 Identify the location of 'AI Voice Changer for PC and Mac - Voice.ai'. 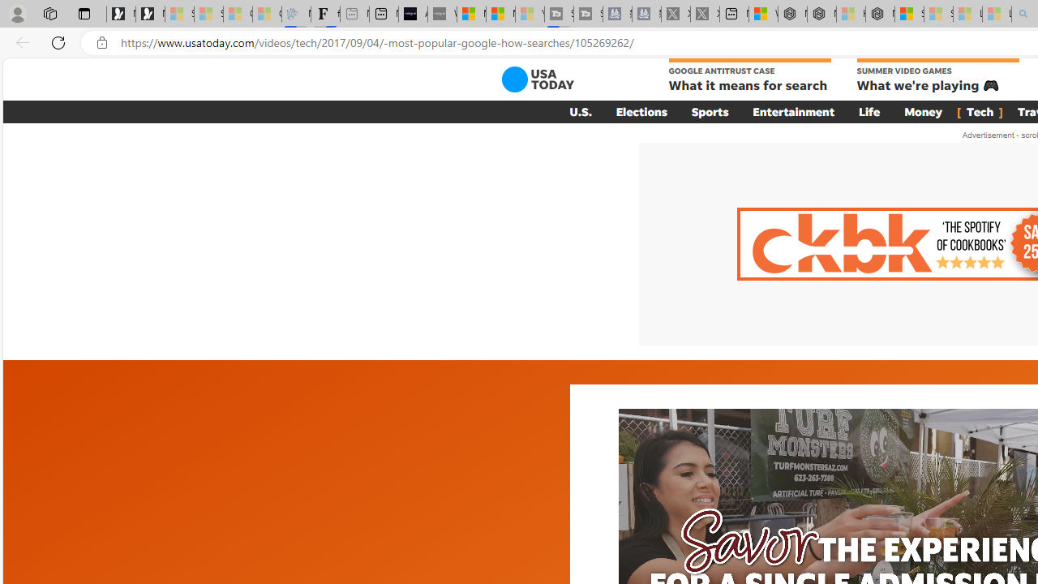
(413, 14).